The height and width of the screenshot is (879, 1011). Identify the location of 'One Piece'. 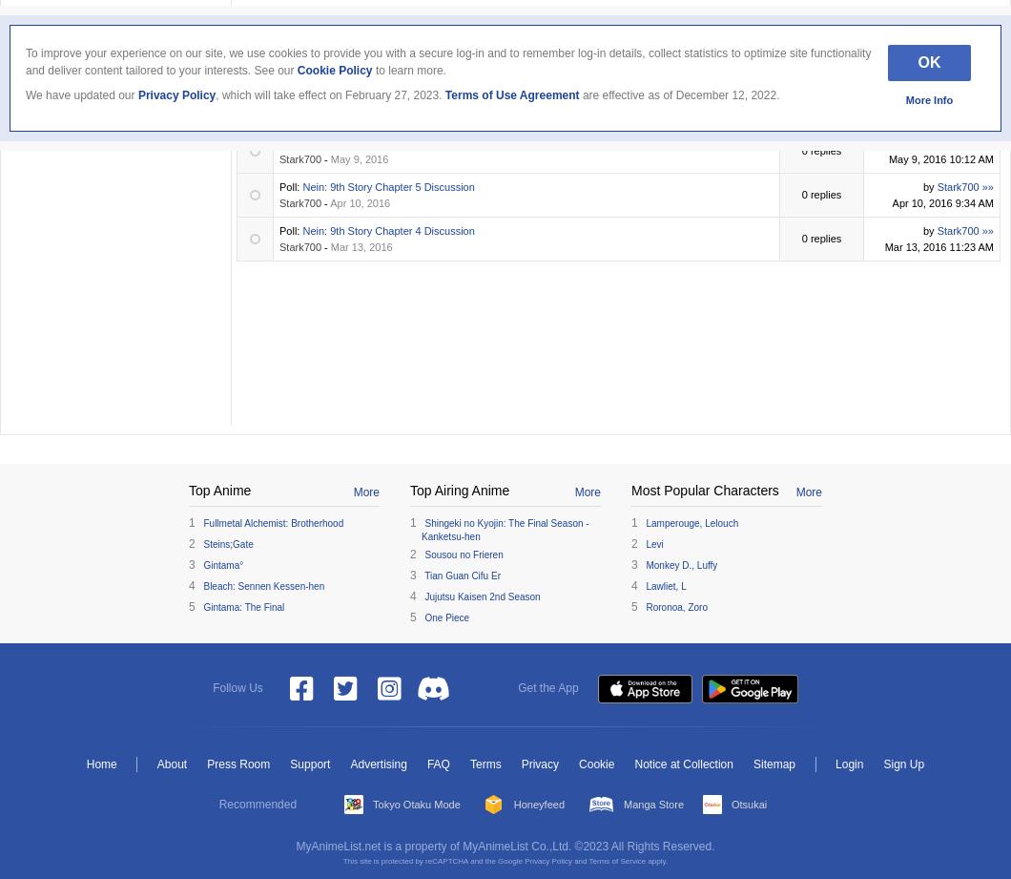
(445, 617).